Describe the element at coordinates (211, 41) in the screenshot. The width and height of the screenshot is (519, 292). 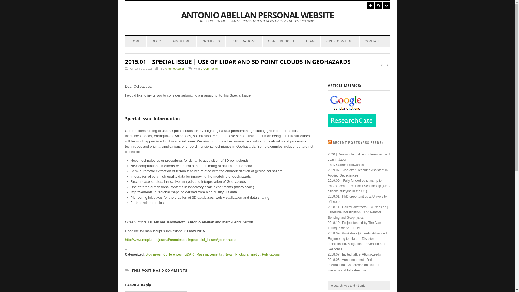
I see `'PROJECTS'` at that location.